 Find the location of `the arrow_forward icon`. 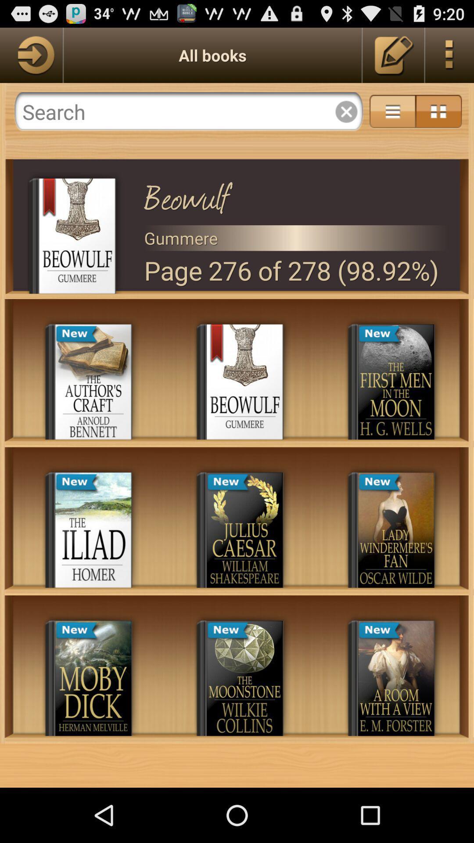

the arrow_forward icon is located at coordinates (31, 58).